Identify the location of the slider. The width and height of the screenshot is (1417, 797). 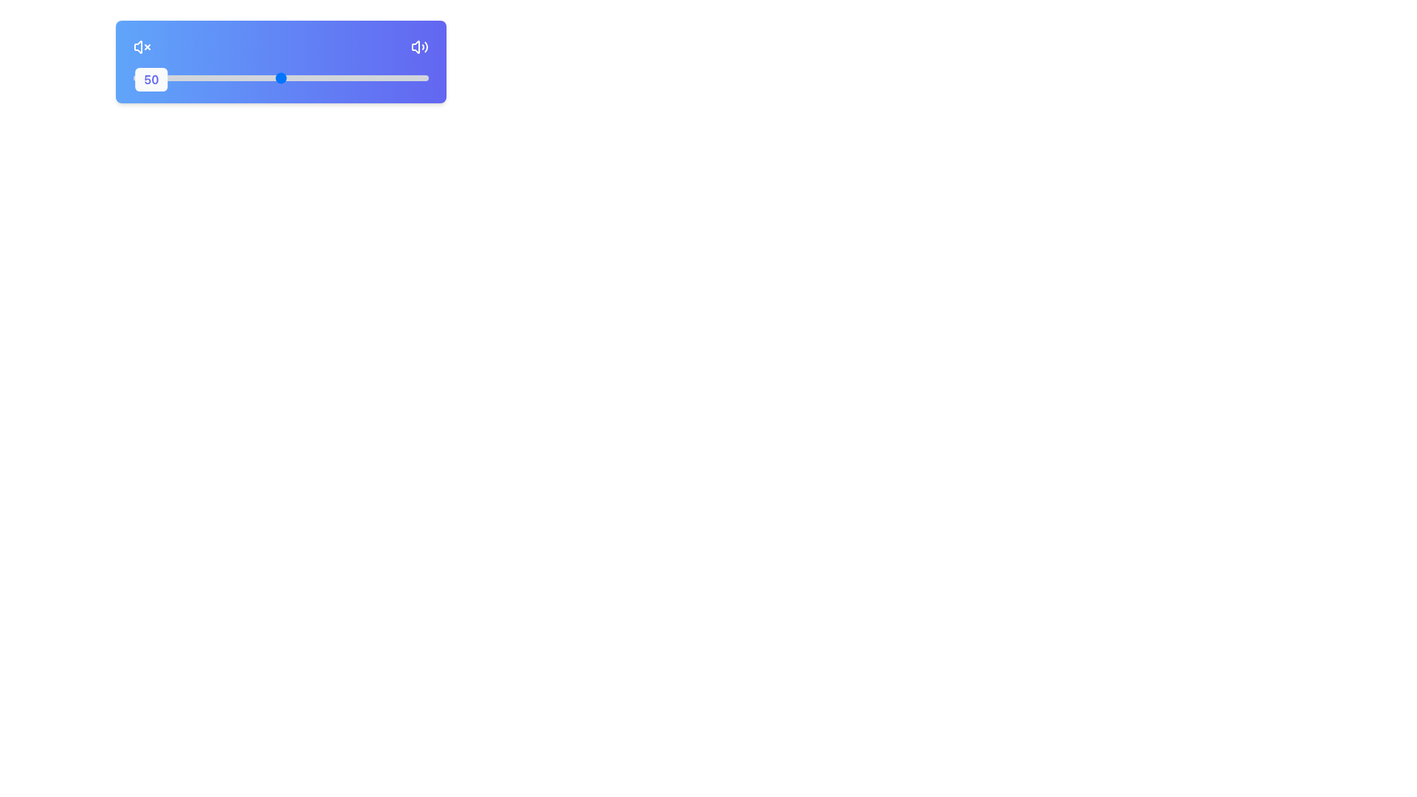
(351, 77).